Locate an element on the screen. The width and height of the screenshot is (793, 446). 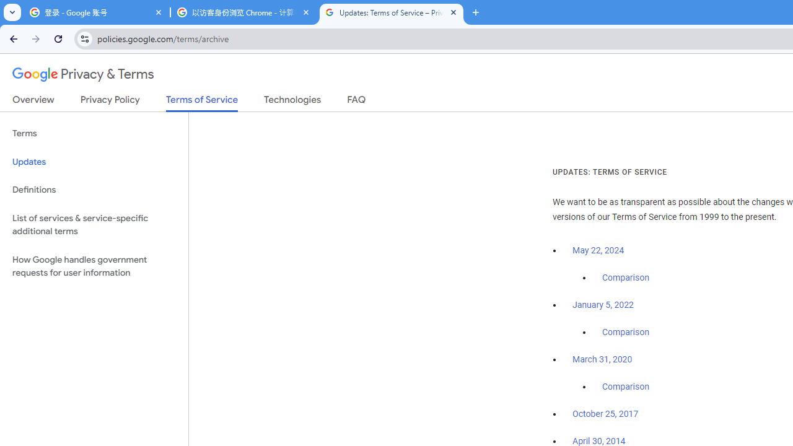
'May 22, 2024' is located at coordinates (598, 251).